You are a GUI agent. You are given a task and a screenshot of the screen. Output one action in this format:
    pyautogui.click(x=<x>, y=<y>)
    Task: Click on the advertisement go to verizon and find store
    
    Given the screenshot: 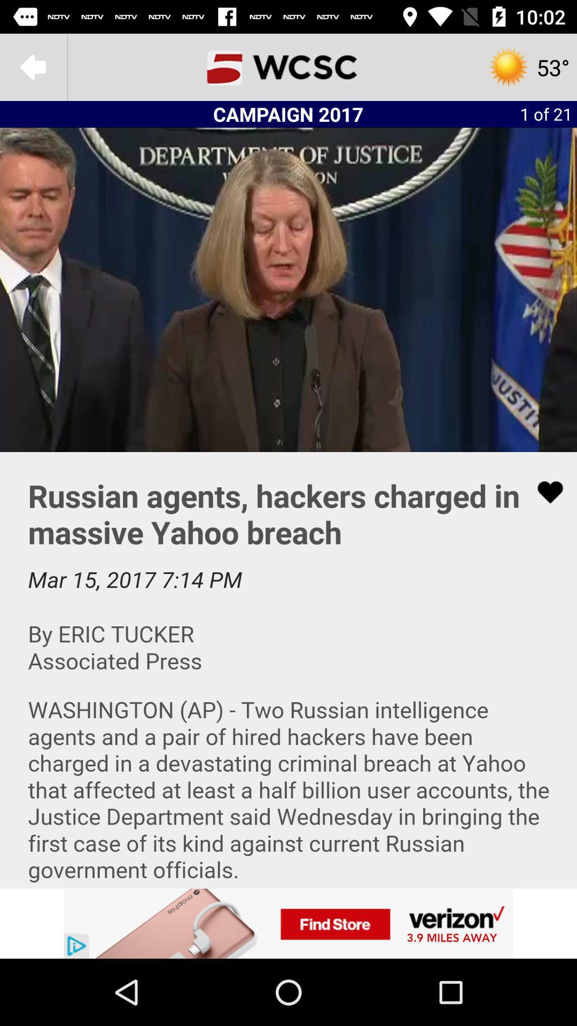 What is the action you would take?
    pyautogui.click(x=288, y=923)
    